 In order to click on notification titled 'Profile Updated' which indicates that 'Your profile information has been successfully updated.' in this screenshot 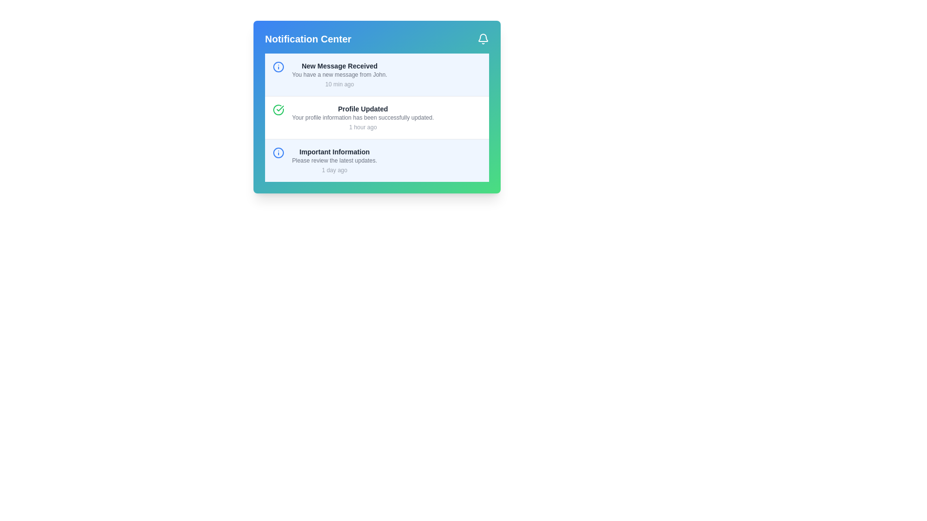, I will do `click(377, 117)`.